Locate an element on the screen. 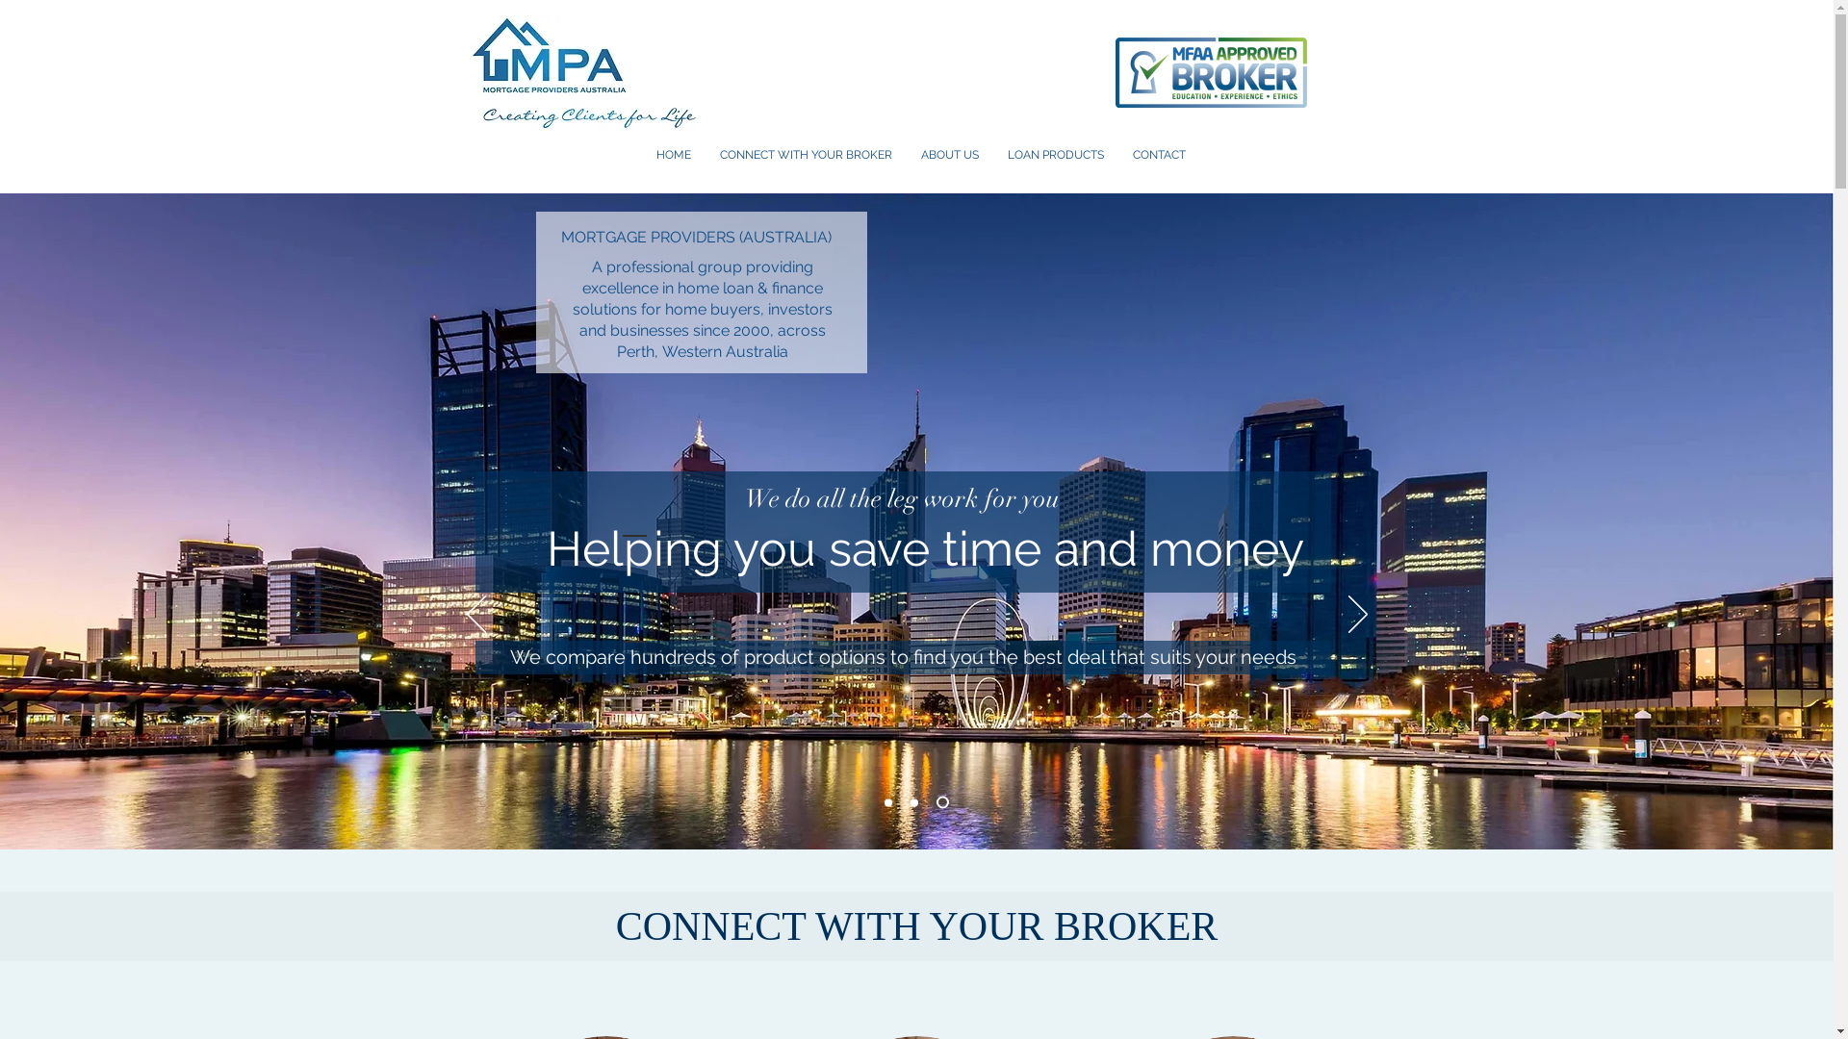 This screenshot has height=1039, width=1848. 'CONTACT' is located at coordinates (1158, 154).